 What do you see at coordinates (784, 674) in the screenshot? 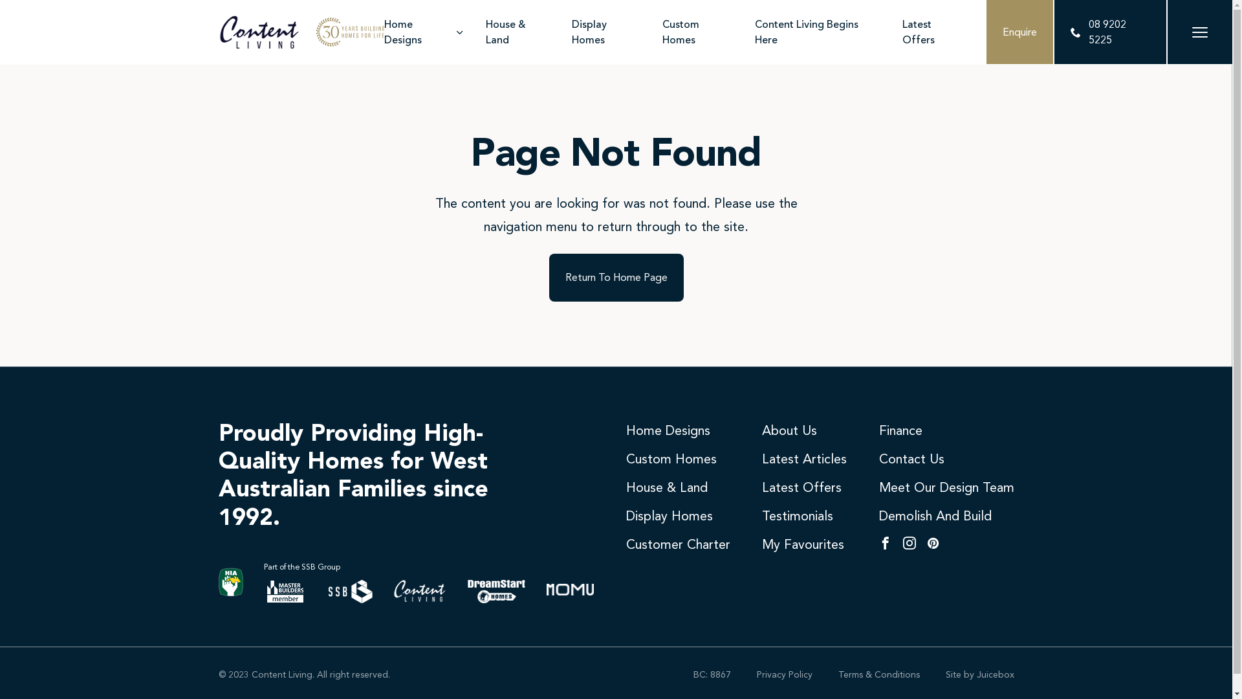
I see `'Privacy Policy'` at bounding box center [784, 674].